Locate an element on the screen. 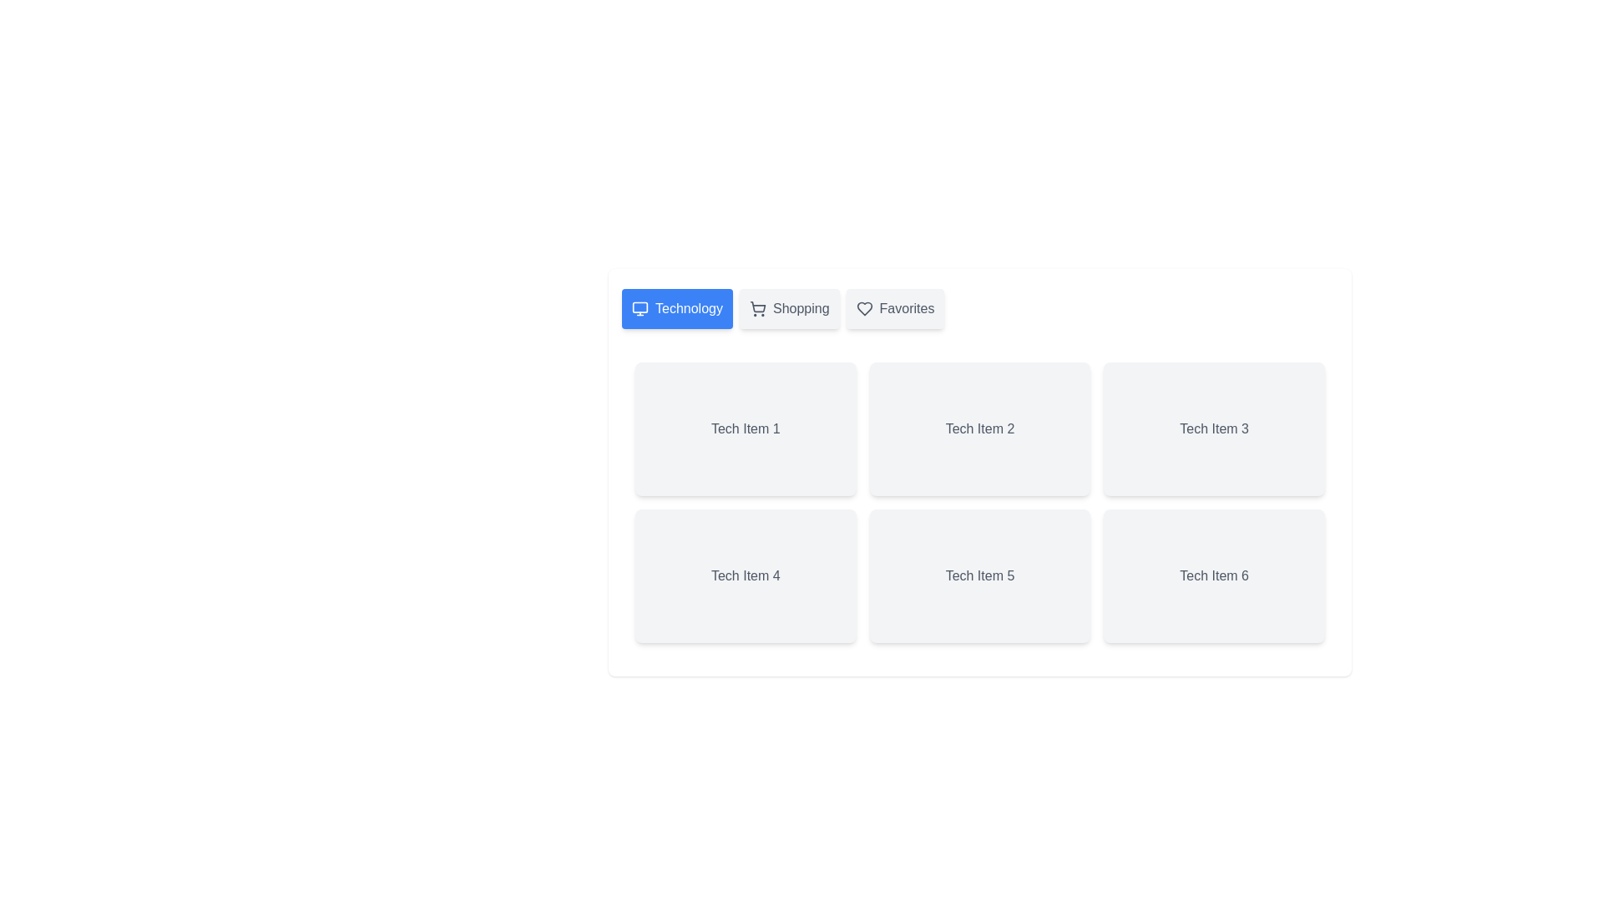 The image size is (1603, 902). the tab labeled Technology to switch the active view to that tab is located at coordinates (677, 309).